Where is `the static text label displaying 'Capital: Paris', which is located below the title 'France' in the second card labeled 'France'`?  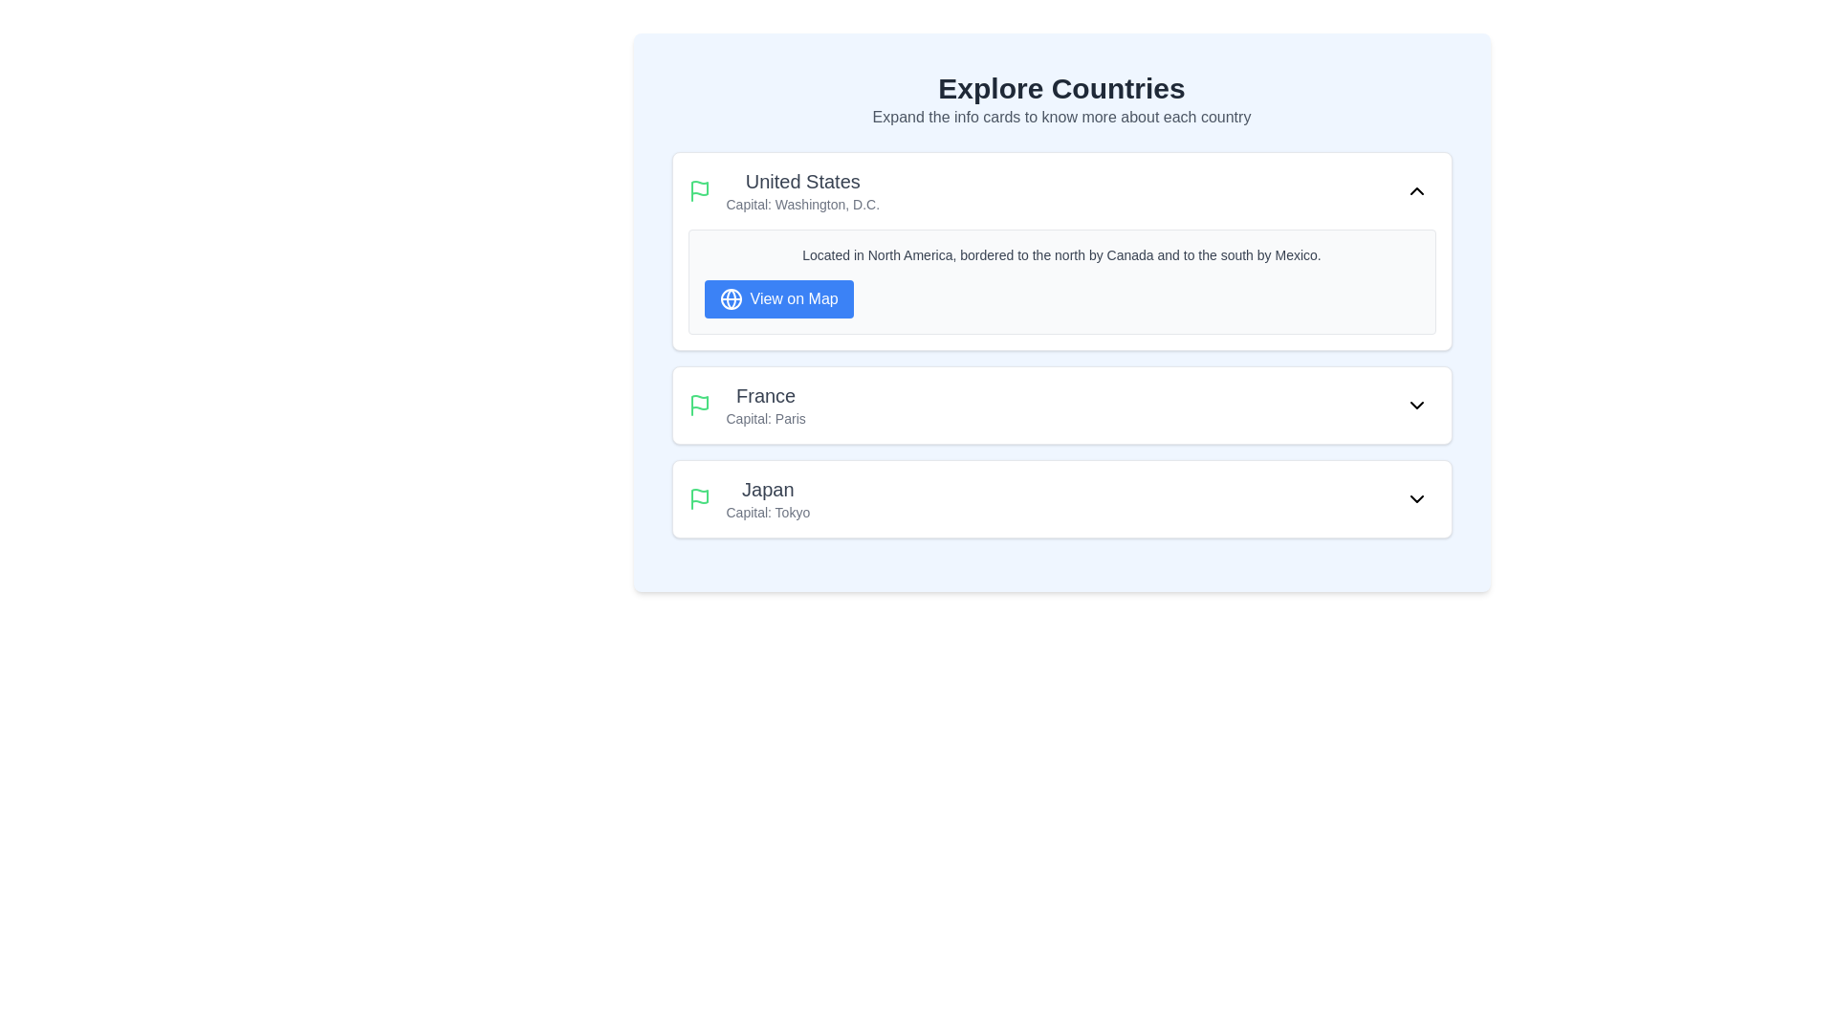
the static text label displaying 'Capital: Paris', which is located below the title 'France' in the second card labeled 'France' is located at coordinates (766, 418).